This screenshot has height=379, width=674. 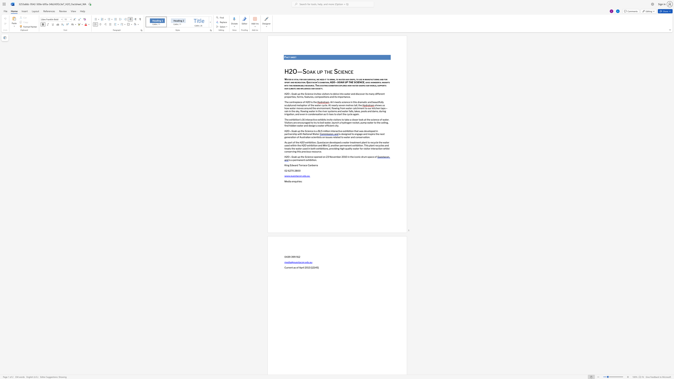 I want to click on the subset text "mposi" within the text "compositions", so click(x=317, y=97).